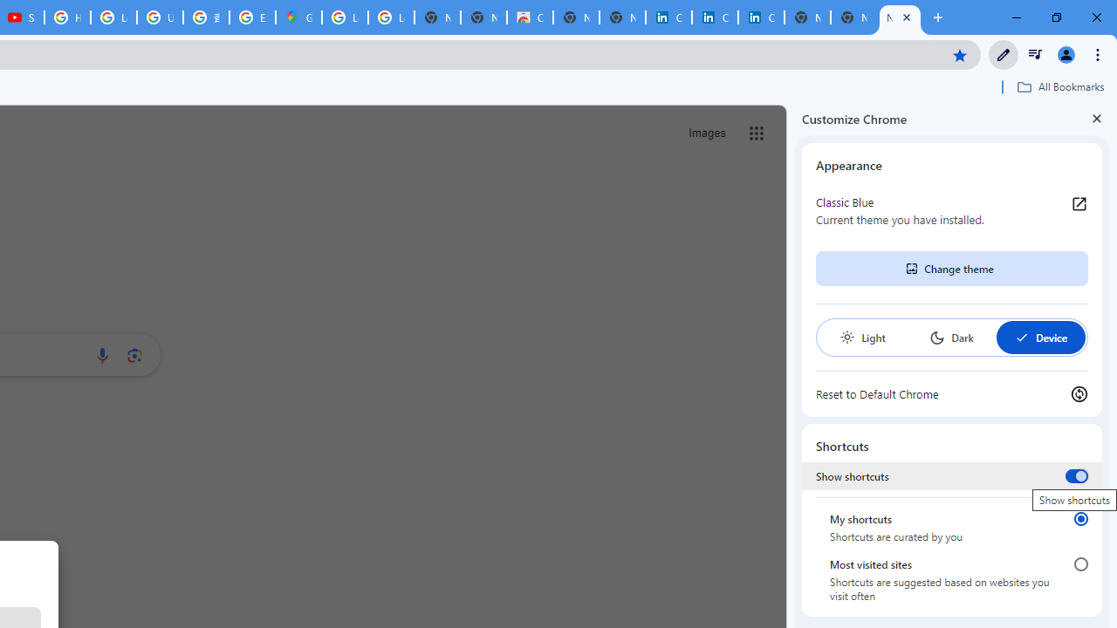 The image size is (1117, 628). What do you see at coordinates (251, 17) in the screenshot?
I see `'Explore new street-level details - Google Maps Help'` at bounding box center [251, 17].